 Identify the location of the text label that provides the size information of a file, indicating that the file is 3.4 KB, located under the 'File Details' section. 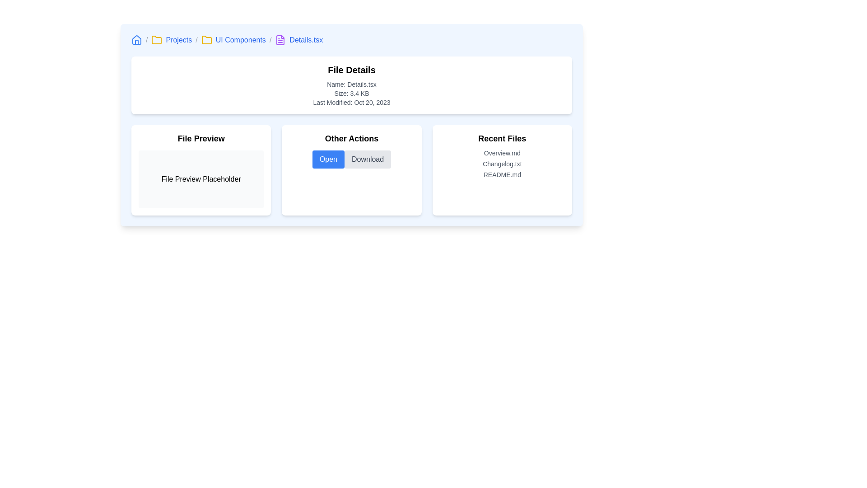
(351, 94).